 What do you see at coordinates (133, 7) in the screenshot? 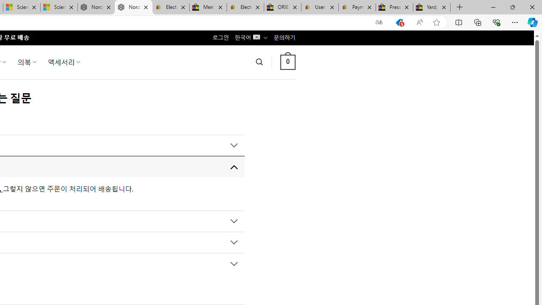
I see `'Nordace - FAQ'` at bounding box center [133, 7].